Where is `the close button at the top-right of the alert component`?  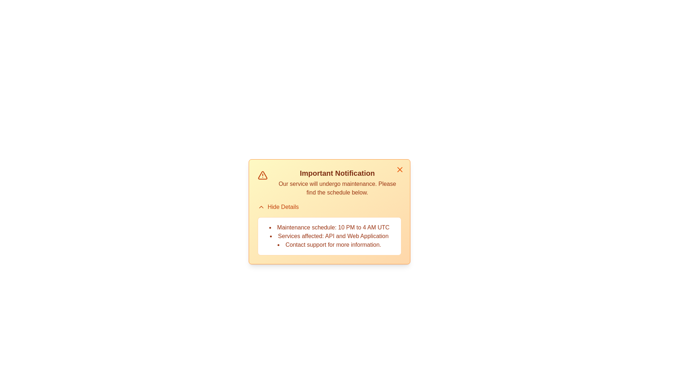
the close button at the top-right of the alert component is located at coordinates (399, 169).